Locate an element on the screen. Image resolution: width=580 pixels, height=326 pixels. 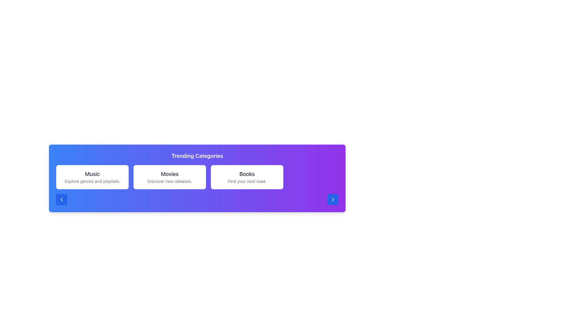
the 'Movies' text label, which is styled with a large bold font in dark gray and positioned at the top of a white rectangular card with rounded corners is located at coordinates (169, 174).